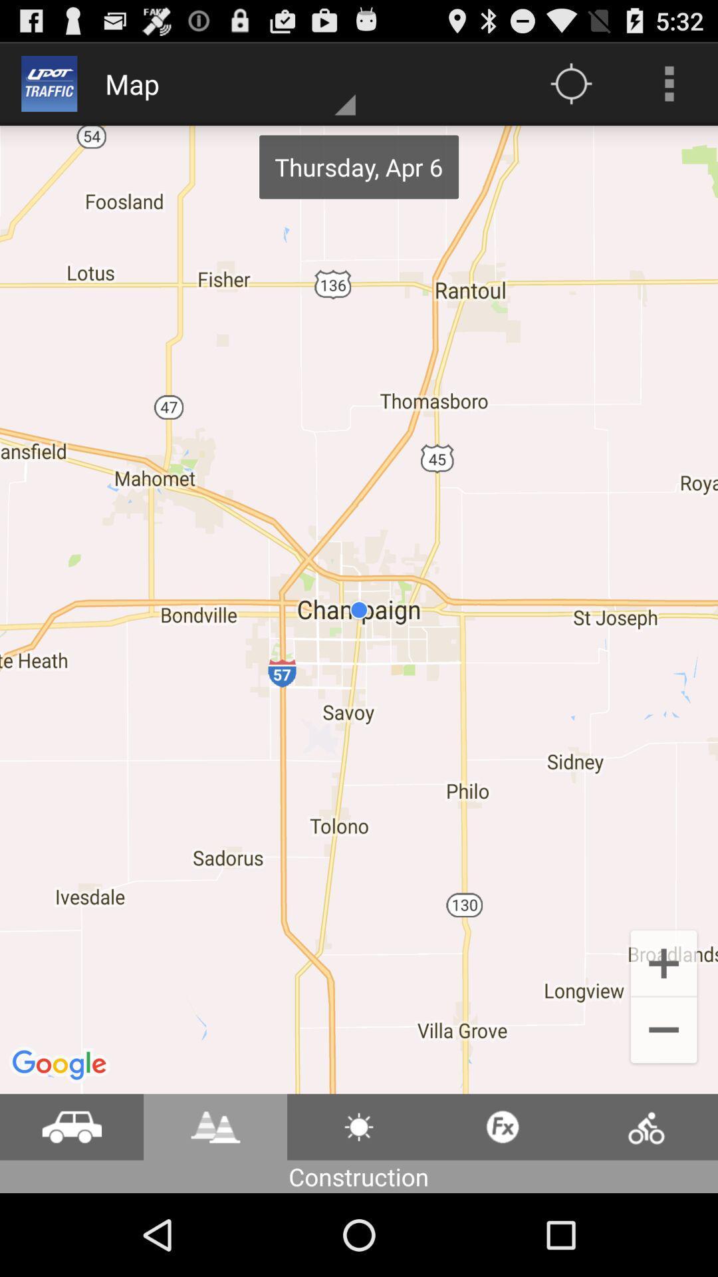 The width and height of the screenshot is (718, 1277). I want to click on road construction activities, so click(215, 1126).